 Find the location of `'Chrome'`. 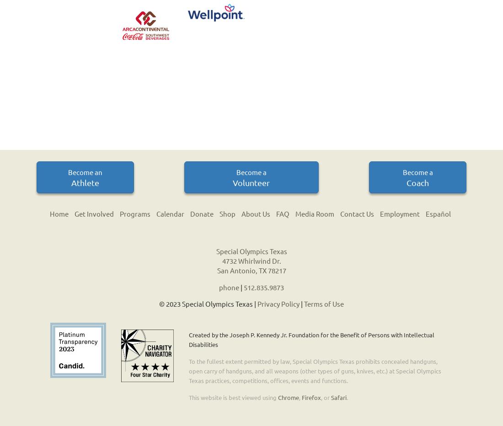

'Chrome' is located at coordinates (277, 396).